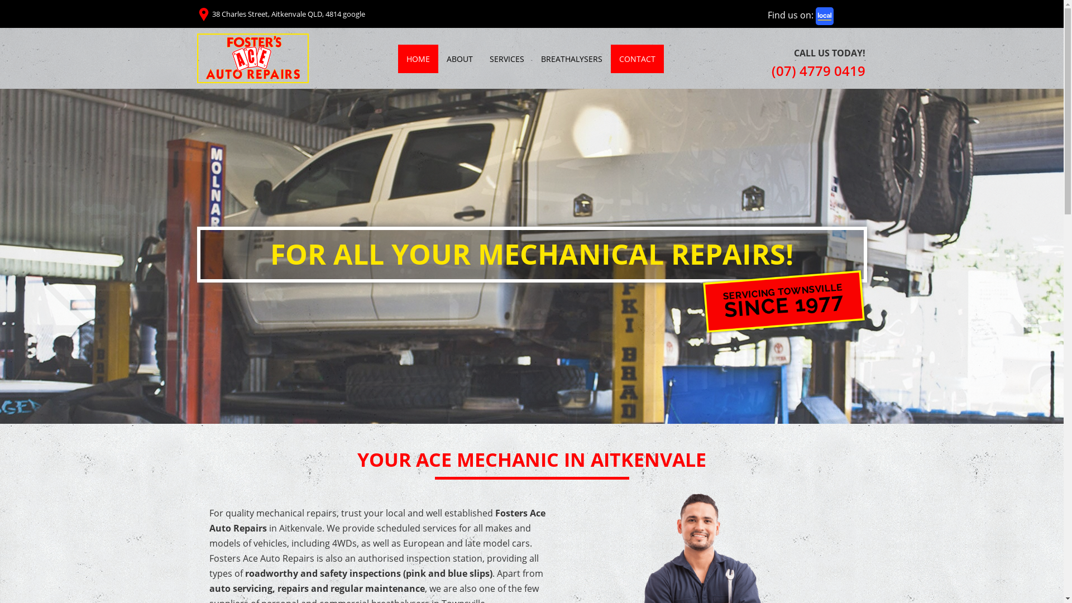 The height and width of the screenshot is (603, 1072). Describe the element at coordinates (825, 16) in the screenshot. I see `'Localsearch'` at that location.